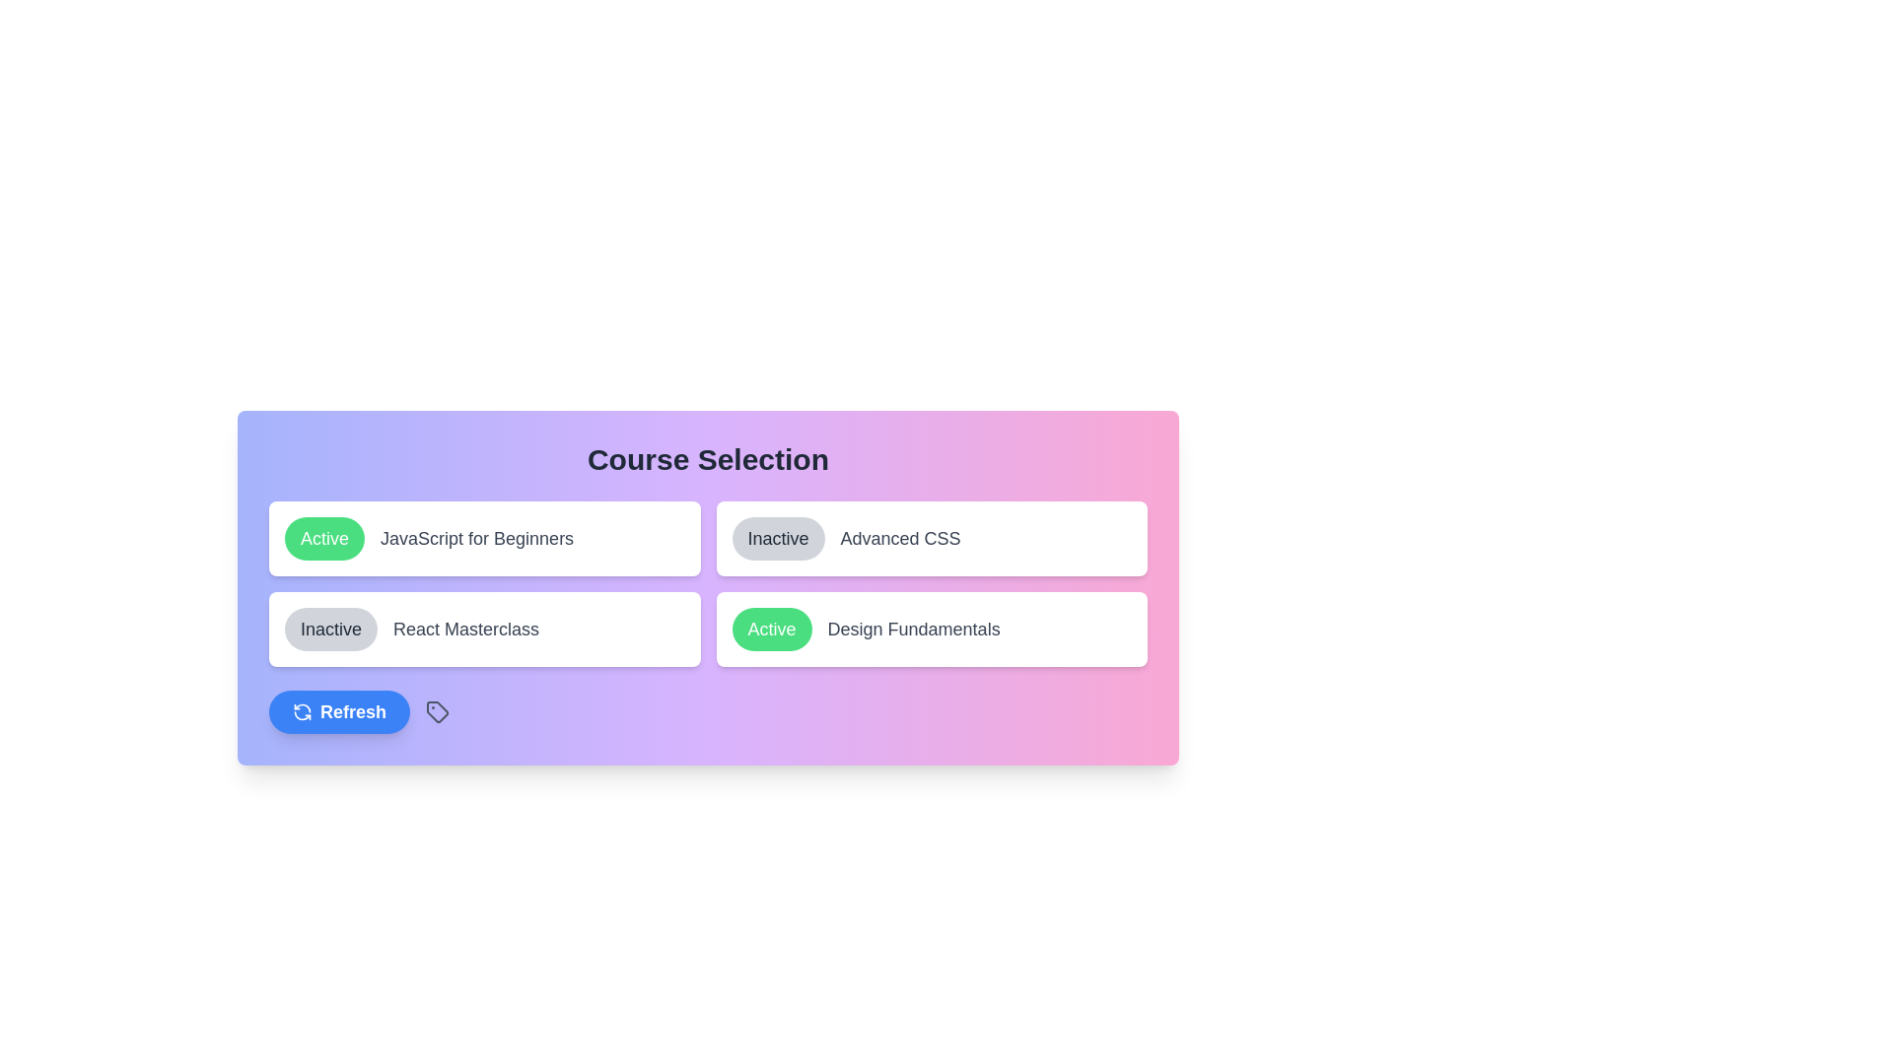 The image size is (1893, 1064). Describe the element at coordinates (484, 539) in the screenshot. I see `the active course option card titled 'JavaScript for Beginners', which is the first card in the grid layout under the 'Course Selection' title` at that location.